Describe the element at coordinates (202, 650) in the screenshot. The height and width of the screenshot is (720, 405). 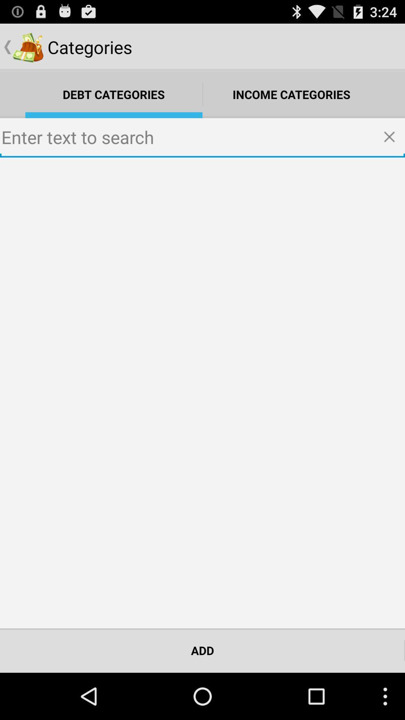
I see `add at the bottom` at that location.